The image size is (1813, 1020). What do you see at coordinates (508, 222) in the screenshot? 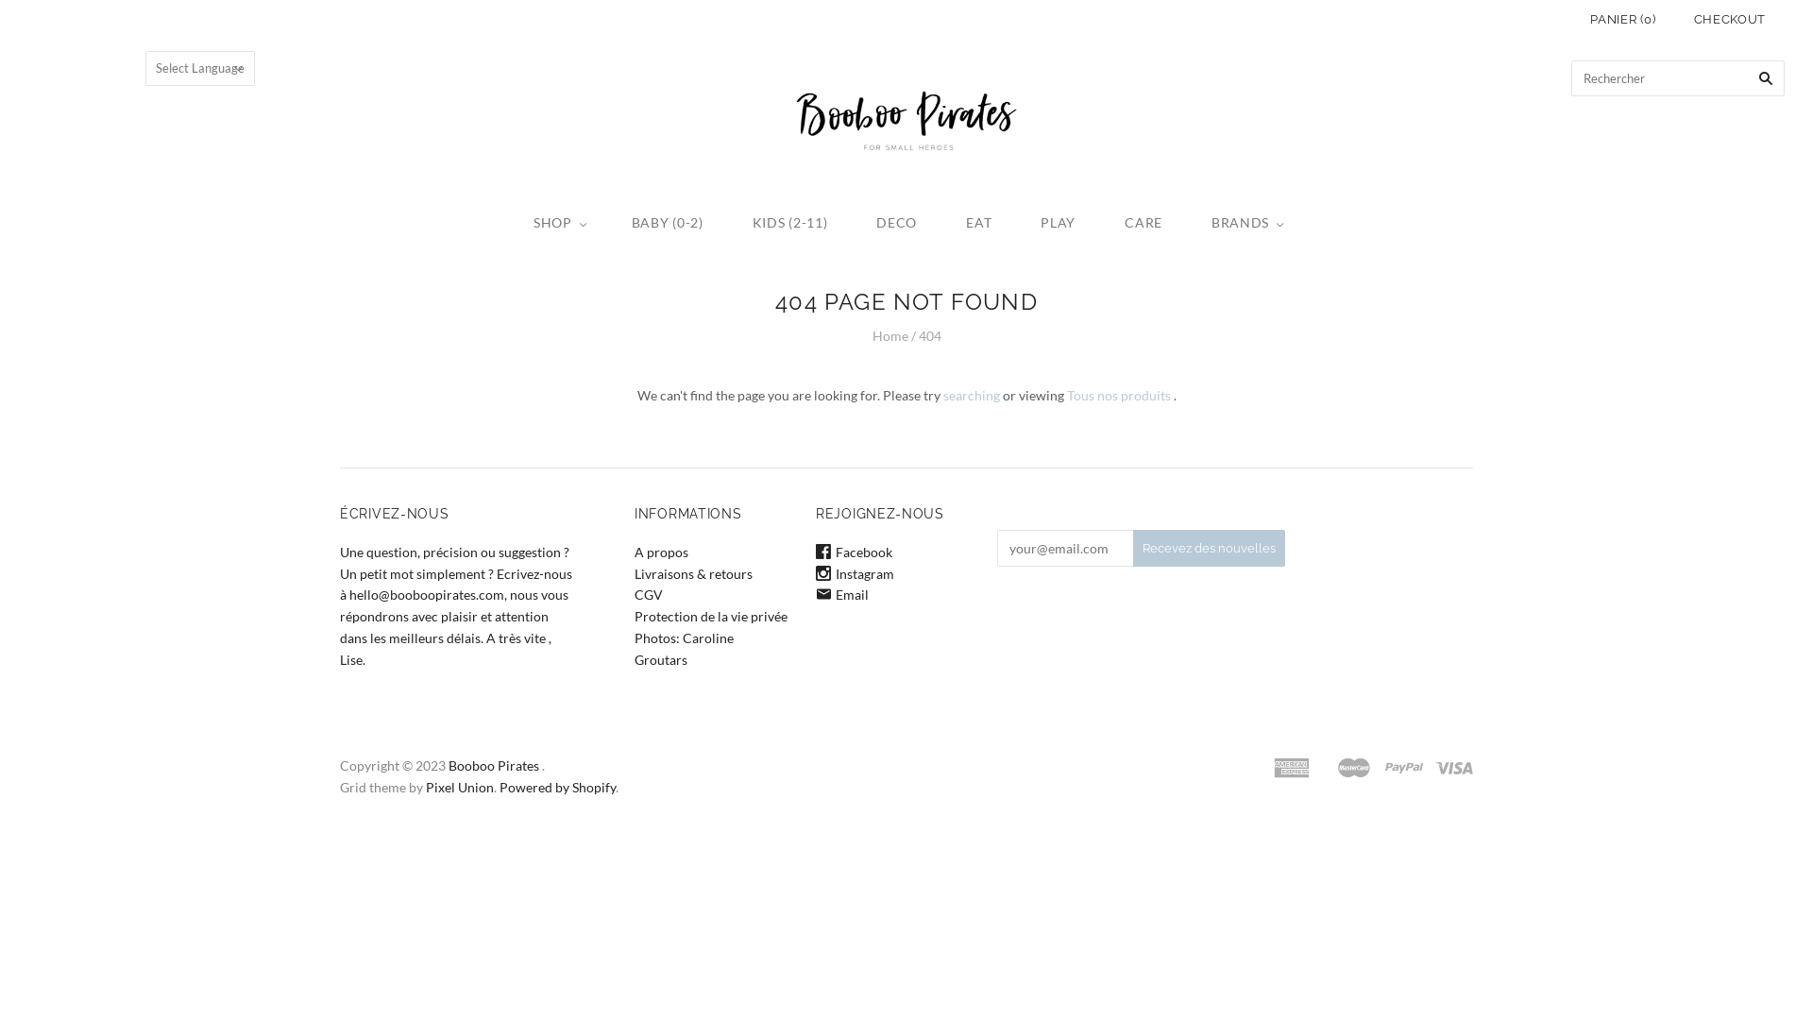
I see `'SHOP'` at bounding box center [508, 222].